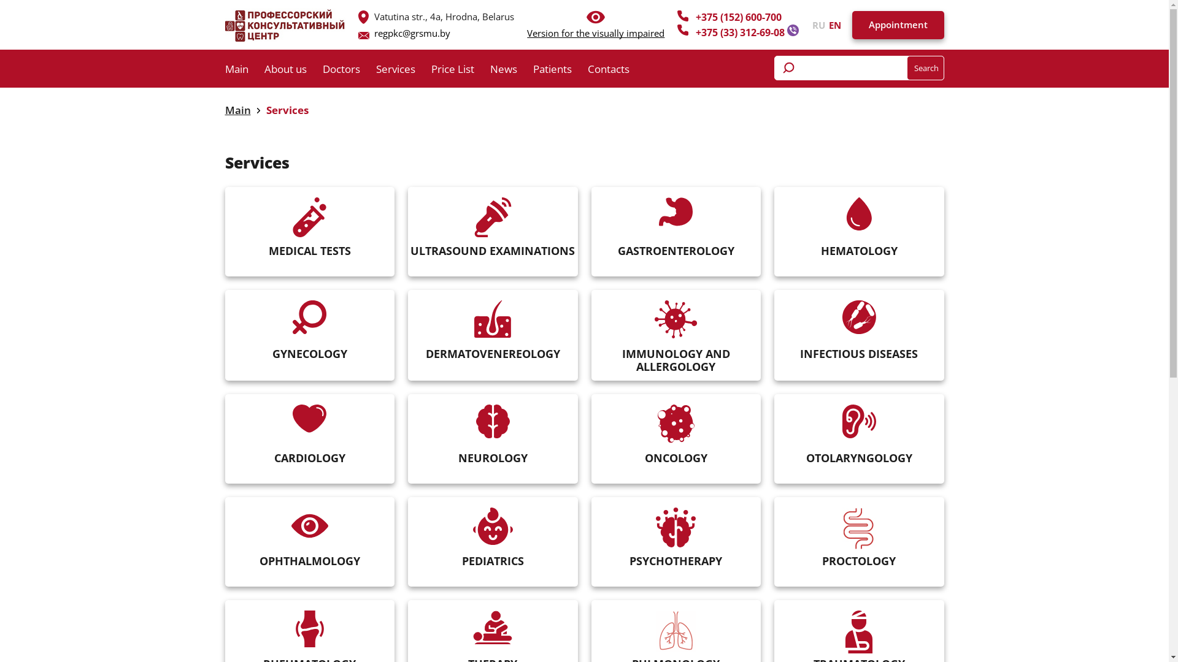 The image size is (1178, 662). What do you see at coordinates (898, 25) in the screenshot?
I see `'Appointment'` at bounding box center [898, 25].